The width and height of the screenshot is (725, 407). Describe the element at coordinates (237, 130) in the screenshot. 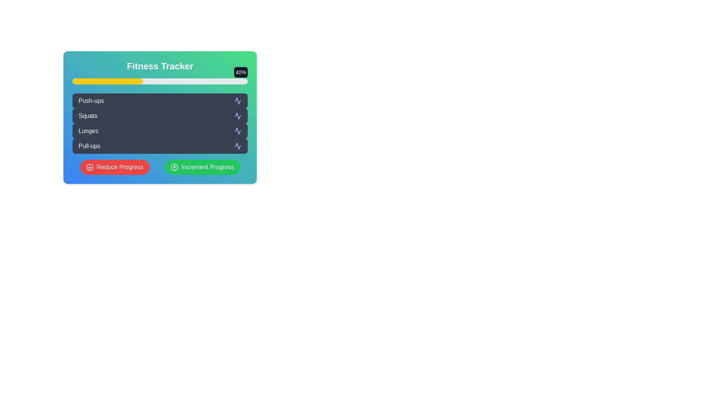

I see `the Lunges icon in the vertical list` at that location.